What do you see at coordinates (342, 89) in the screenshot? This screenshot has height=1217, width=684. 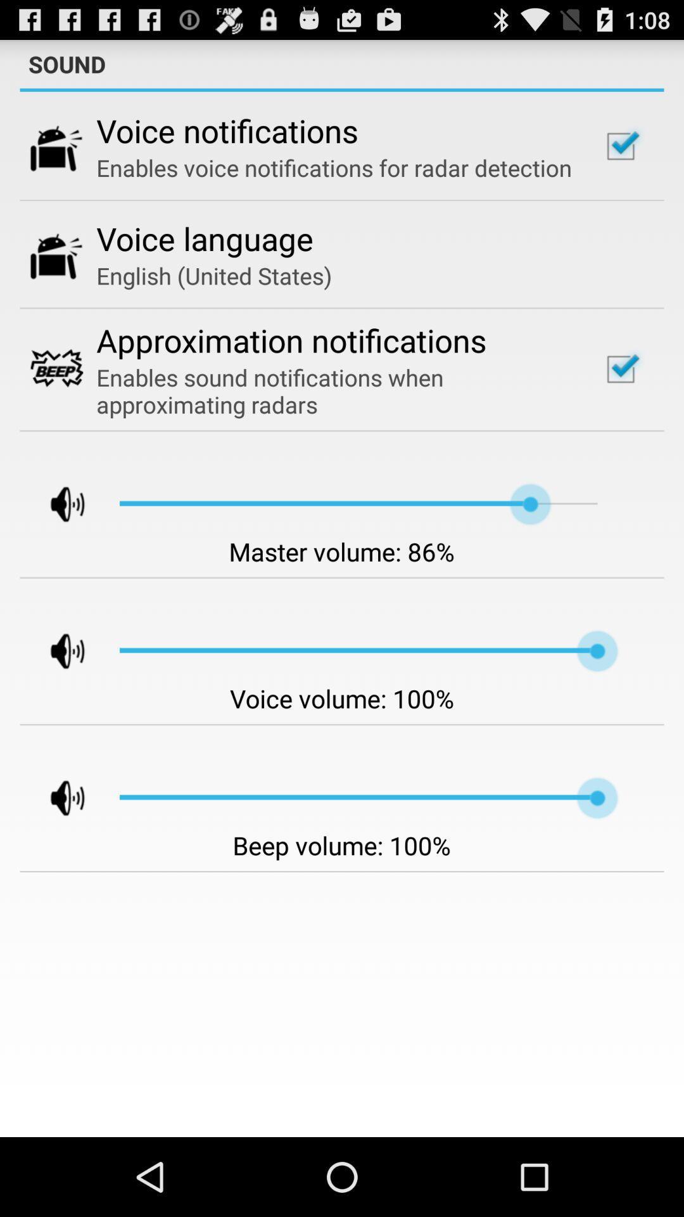 I see `app below the sound` at bounding box center [342, 89].